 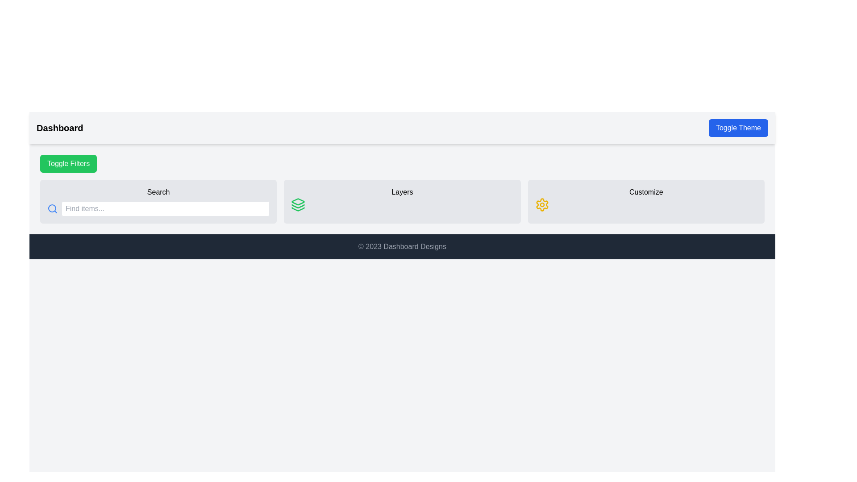 I want to click on the 'Dashboard' text label, which is styled in bold, large black font on a white background and is located on the left side of the header bar, before the 'Toggle Theme' button, so click(x=59, y=128).